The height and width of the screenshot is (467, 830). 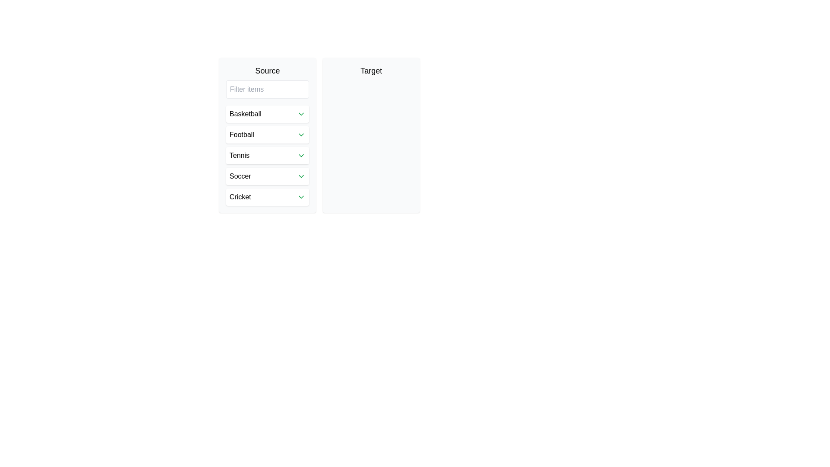 I want to click on the 'Soccer' dropdown menu item located as the fourth item in the vertical list of the 'Source' section, so click(x=267, y=176).